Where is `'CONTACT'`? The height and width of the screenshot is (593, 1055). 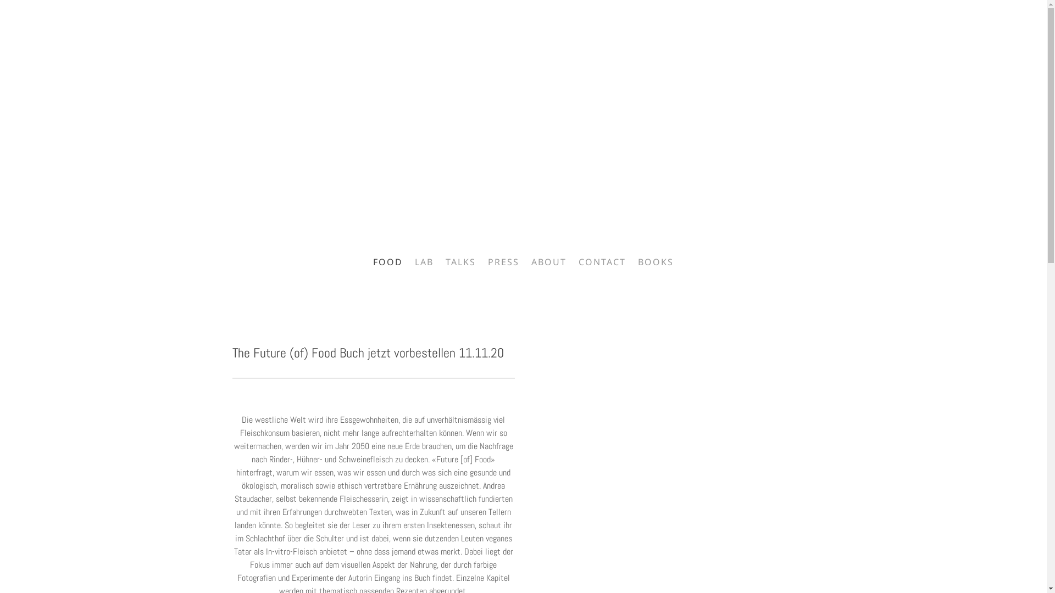 'CONTACT' is located at coordinates (571, 262).